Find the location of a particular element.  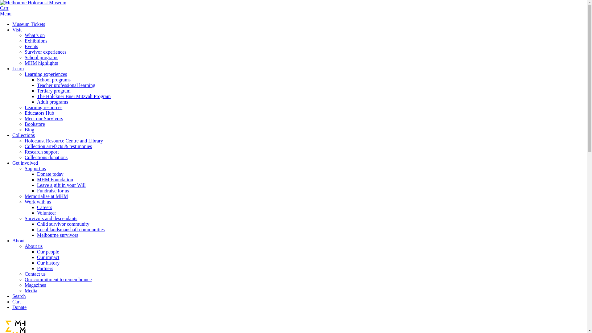

'Work with us' is located at coordinates (25, 202).